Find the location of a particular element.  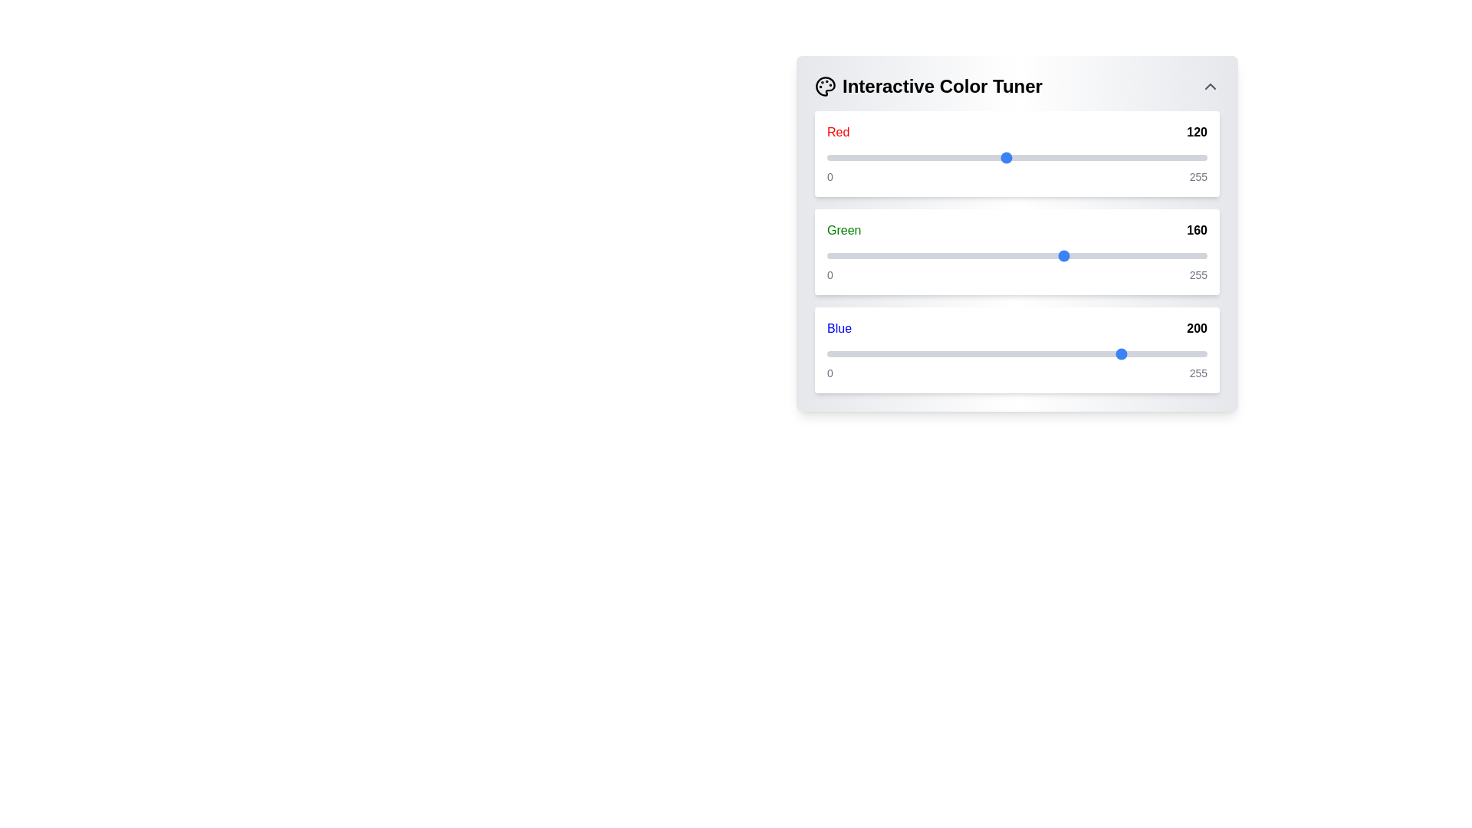

the red color intensity is located at coordinates (832, 157).